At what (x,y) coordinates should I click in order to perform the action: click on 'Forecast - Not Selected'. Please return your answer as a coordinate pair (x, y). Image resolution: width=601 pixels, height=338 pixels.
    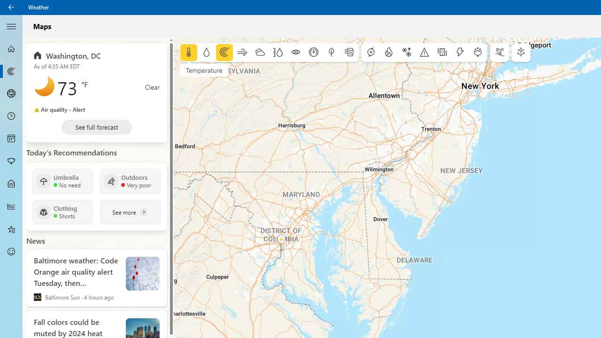
    Looking at the image, I should click on (11, 49).